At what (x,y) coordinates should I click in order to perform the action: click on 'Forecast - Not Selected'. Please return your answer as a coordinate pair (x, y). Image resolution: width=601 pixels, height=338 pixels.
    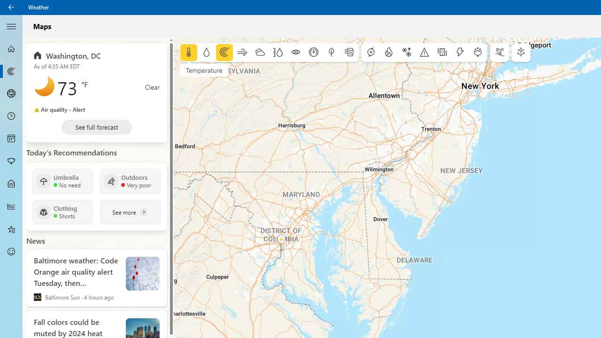
    Looking at the image, I should click on (11, 49).